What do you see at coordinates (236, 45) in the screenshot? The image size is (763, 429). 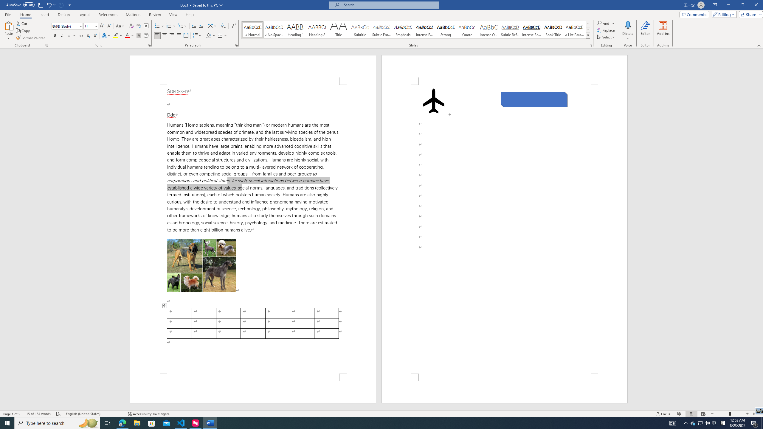 I see `'Paragraph...'` at bounding box center [236, 45].